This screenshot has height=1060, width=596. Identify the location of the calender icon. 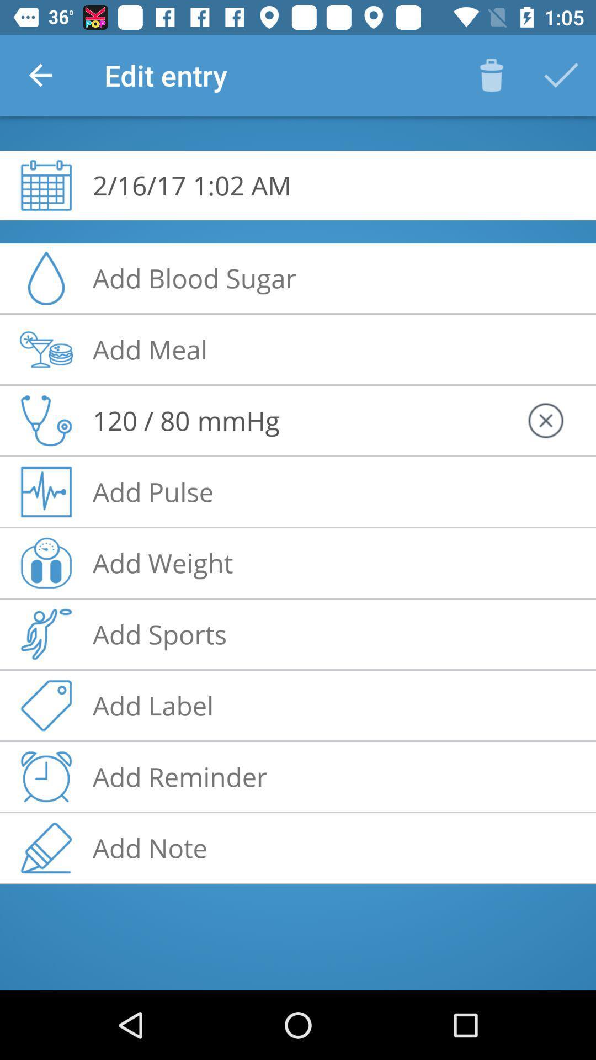
(46, 185).